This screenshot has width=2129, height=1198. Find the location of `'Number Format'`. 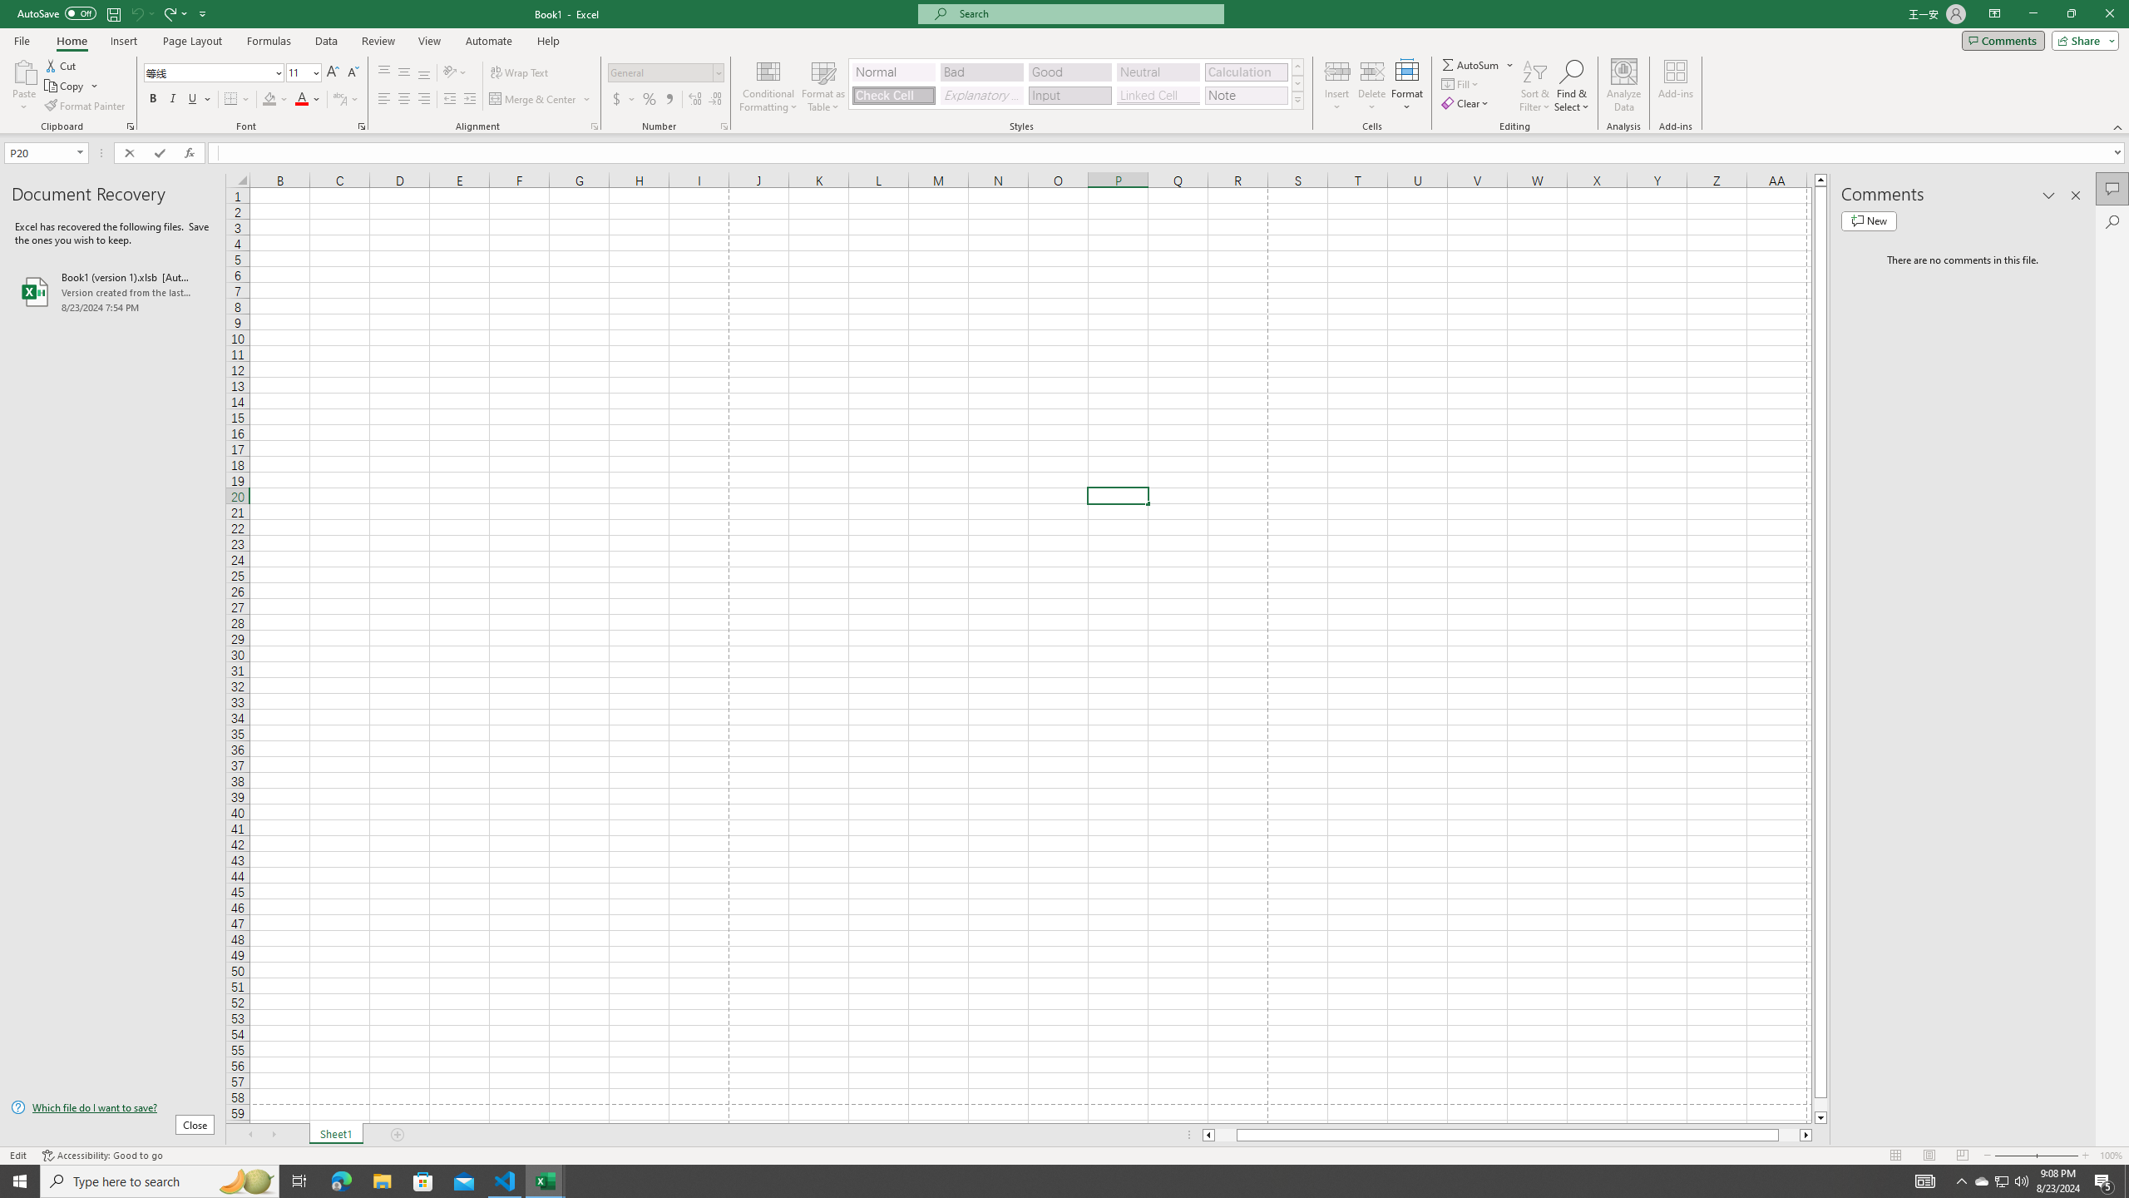

'Number Format' is located at coordinates (660, 72).